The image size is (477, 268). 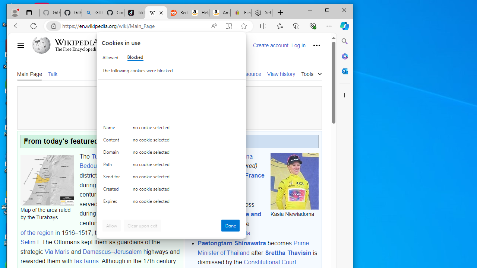 What do you see at coordinates (112, 166) in the screenshot?
I see `'Path'` at bounding box center [112, 166].